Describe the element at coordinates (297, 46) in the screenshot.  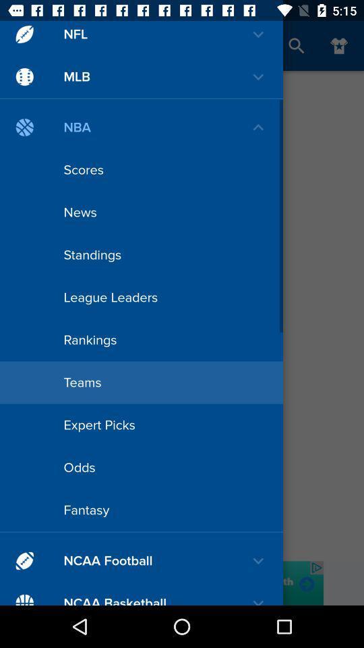
I see `the search icon` at that location.